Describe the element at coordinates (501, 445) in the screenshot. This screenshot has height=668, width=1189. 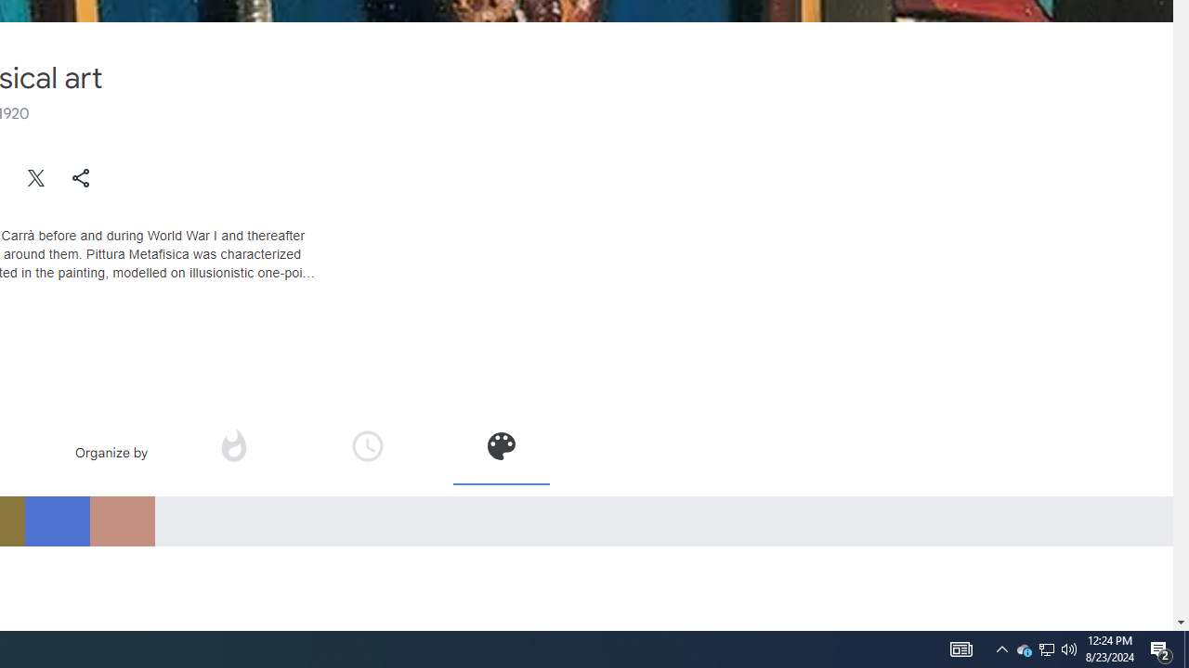
I see `'Organize by color'` at that location.